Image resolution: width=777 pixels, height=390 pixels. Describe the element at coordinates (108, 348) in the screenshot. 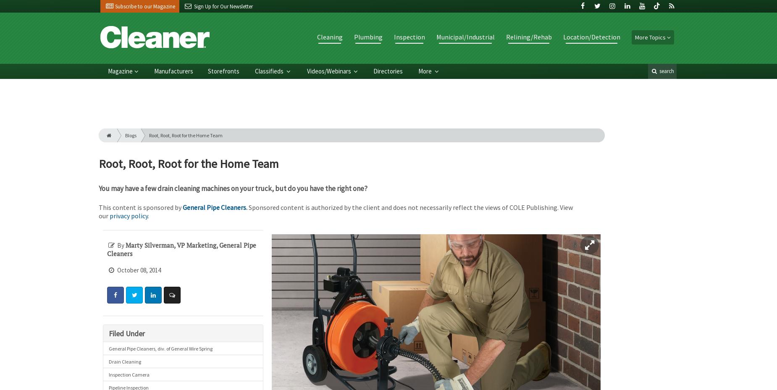

I see `'General Pipe Cleaners, div. of General Wire Spring'` at that location.